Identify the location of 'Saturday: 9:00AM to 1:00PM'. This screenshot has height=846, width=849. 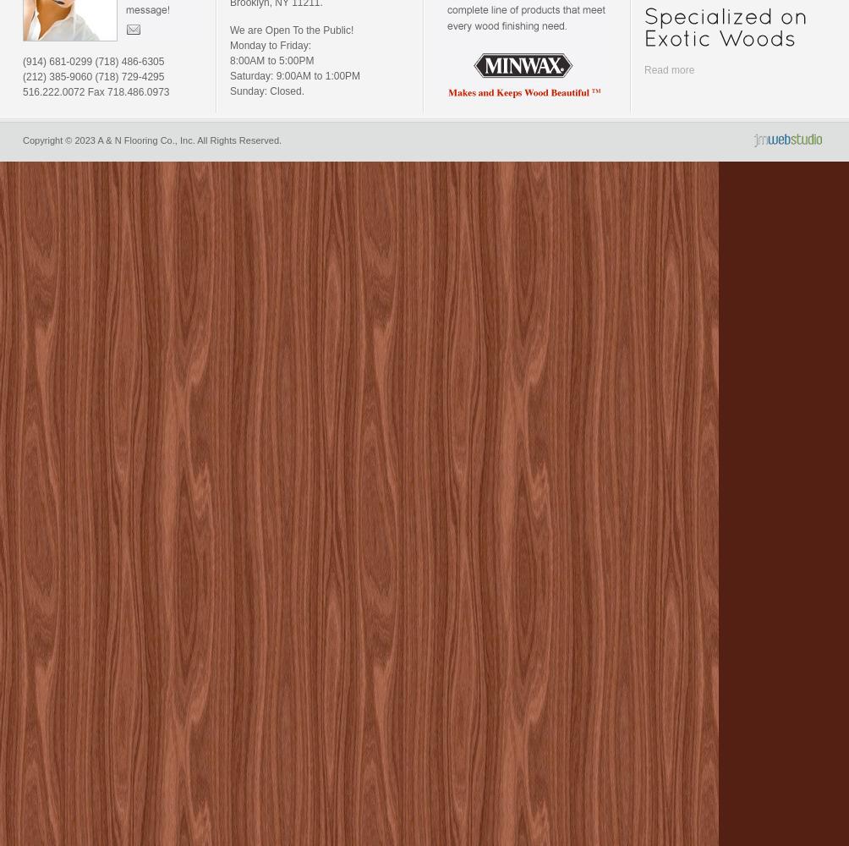
(294, 75).